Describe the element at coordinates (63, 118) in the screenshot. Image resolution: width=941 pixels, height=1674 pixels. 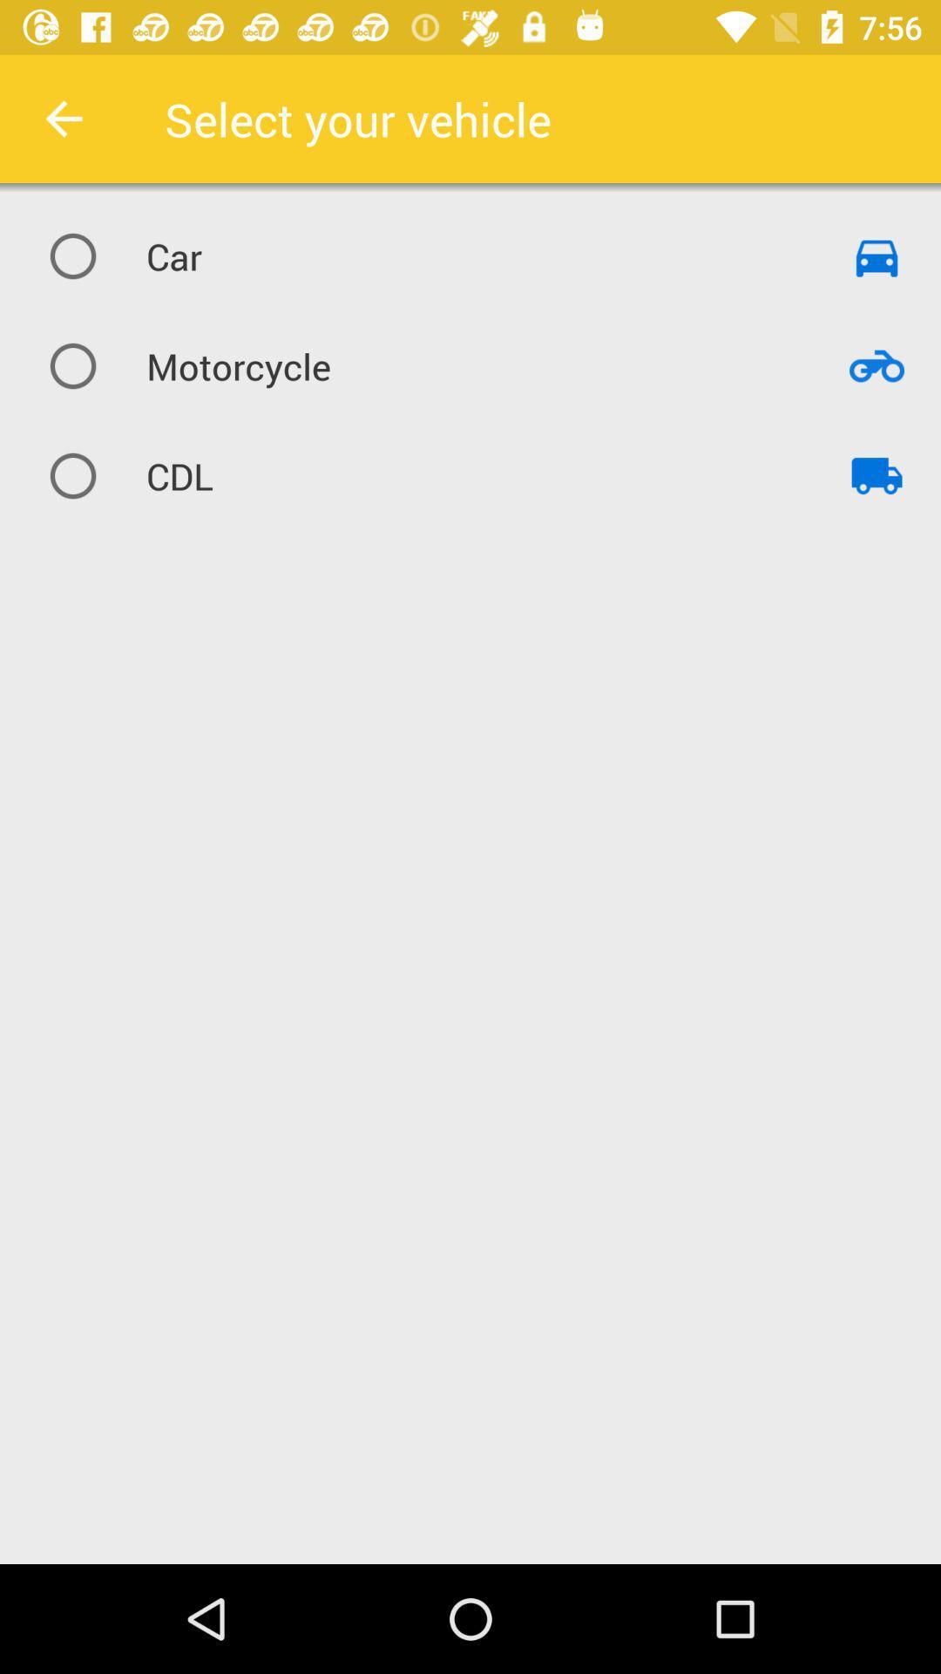
I see `the item to the left of the select your vehicle item` at that location.